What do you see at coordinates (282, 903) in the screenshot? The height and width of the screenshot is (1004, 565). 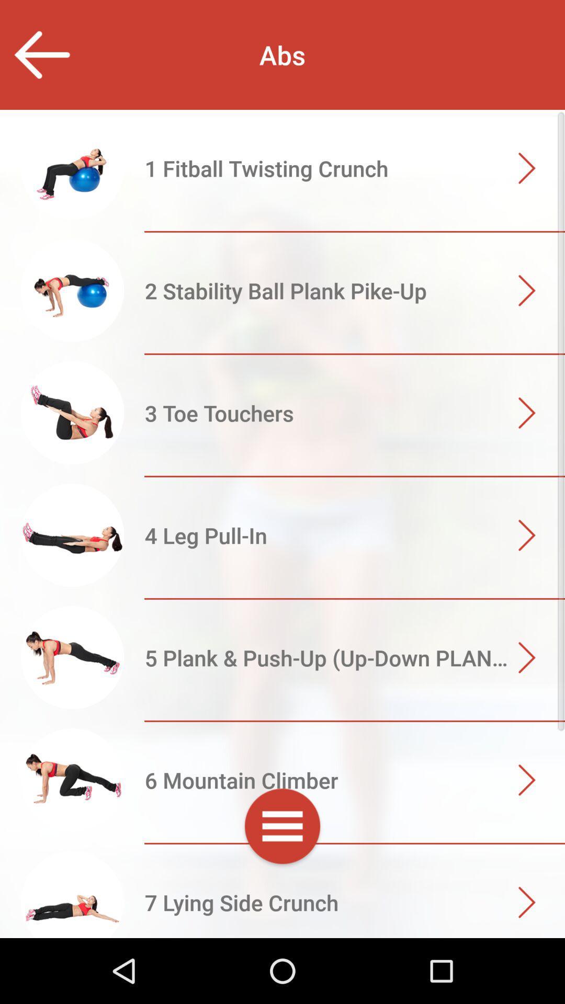 I see `go next page` at bounding box center [282, 903].